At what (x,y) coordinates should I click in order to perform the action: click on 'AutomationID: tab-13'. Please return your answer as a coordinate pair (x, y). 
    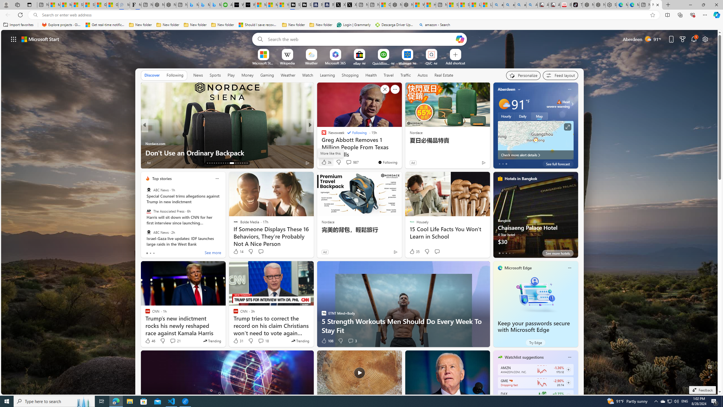
    Looking at the image, I should click on (207, 163).